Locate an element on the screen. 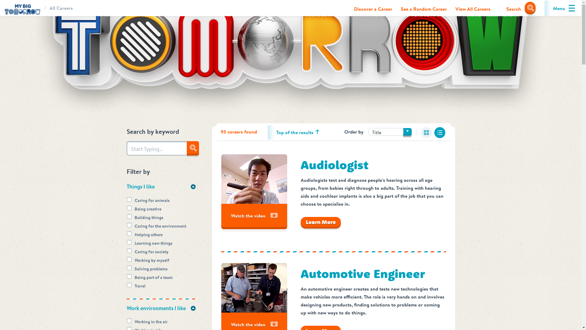  'Open / close - Work environments I like' is located at coordinates (193, 308).